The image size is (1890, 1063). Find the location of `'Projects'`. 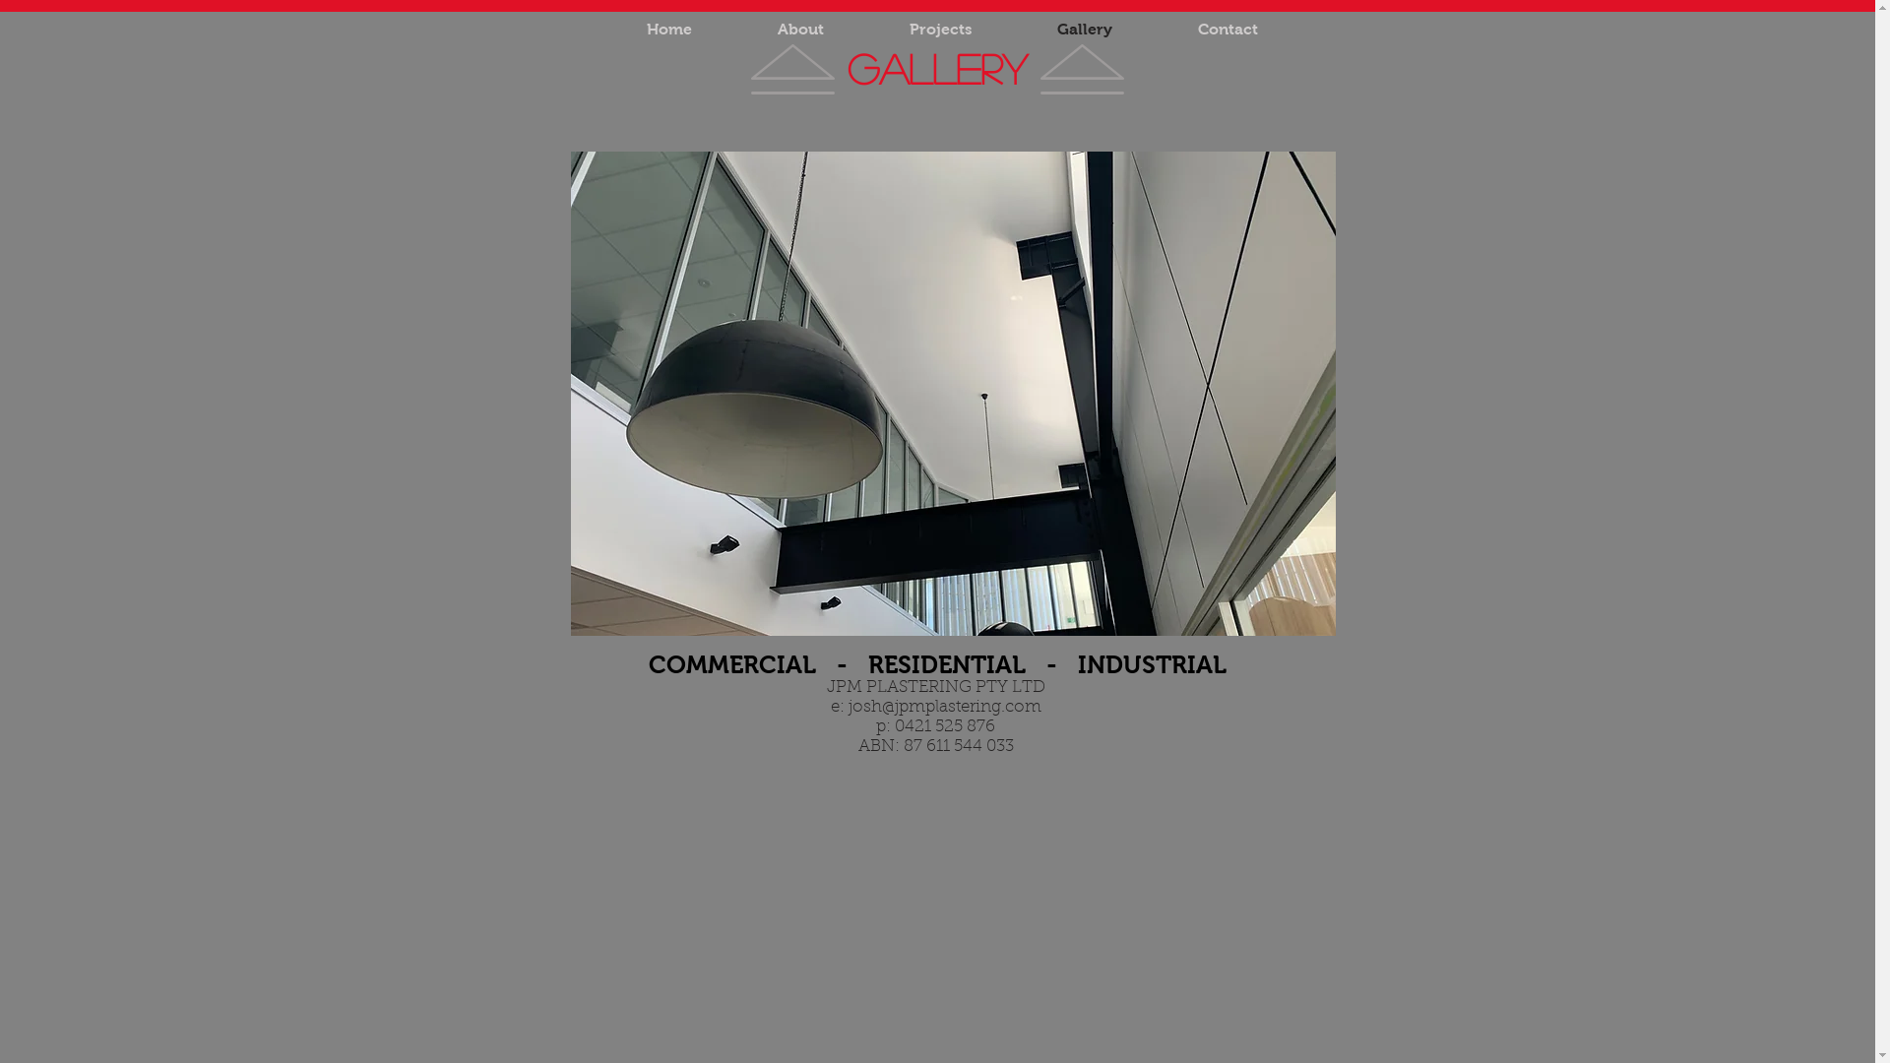

'Projects' is located at coordinates (939, 30).